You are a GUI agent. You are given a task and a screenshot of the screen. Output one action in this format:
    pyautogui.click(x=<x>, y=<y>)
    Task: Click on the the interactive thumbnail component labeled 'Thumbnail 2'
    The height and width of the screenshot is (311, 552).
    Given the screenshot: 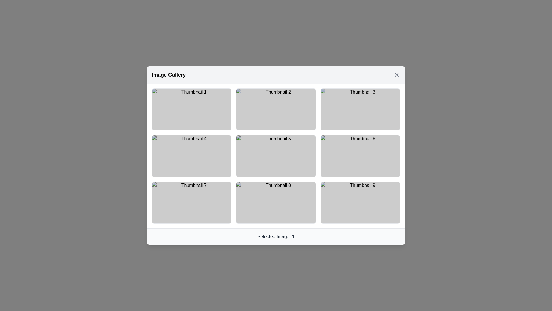 What is the action you would take?
    pyautogui.click(x=276, y=109)
    